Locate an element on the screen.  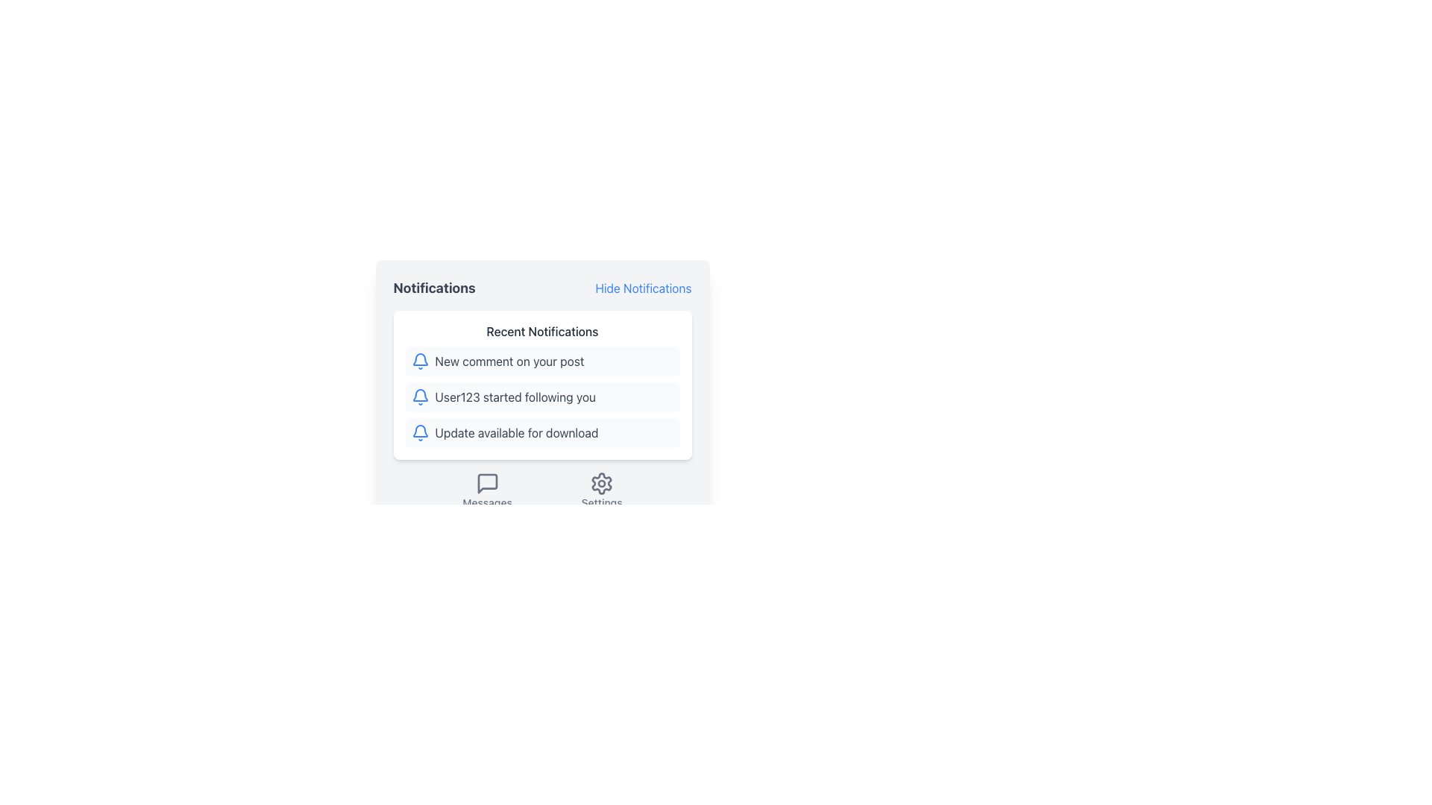
the speech bubble icon located at the bottom left of the notifications panel is located at coordinates (487, 483).